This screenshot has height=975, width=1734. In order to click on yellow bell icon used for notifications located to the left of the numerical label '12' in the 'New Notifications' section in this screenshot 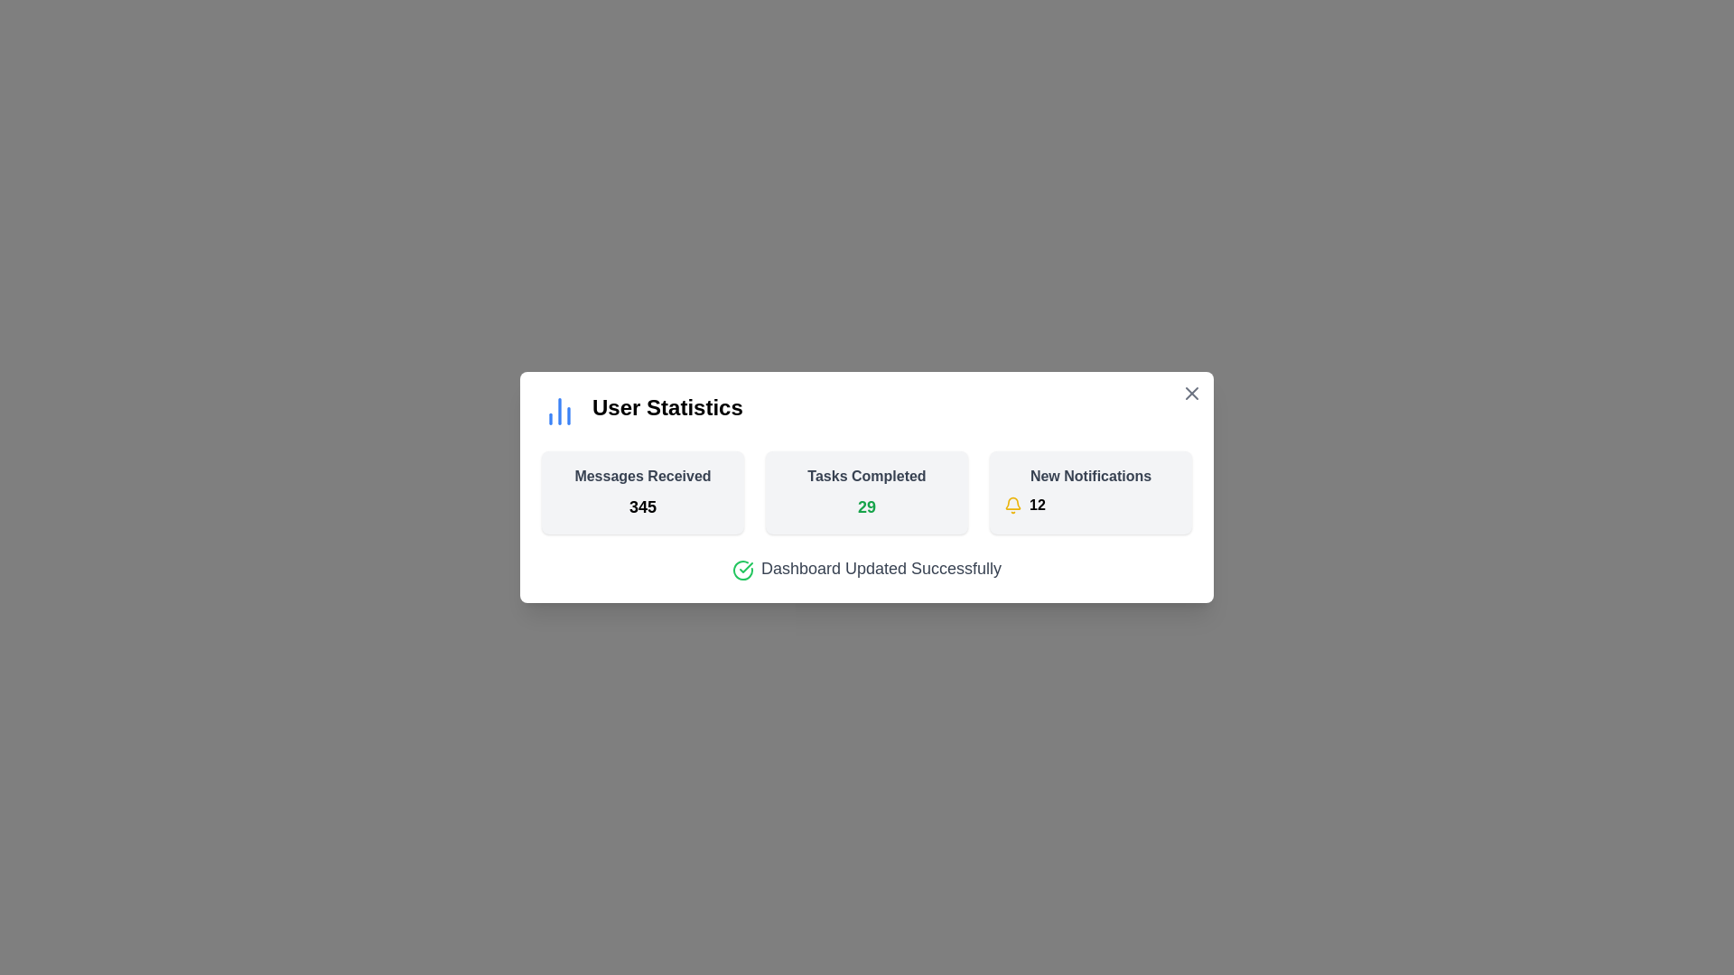, I will do `click(1013, 505)`.